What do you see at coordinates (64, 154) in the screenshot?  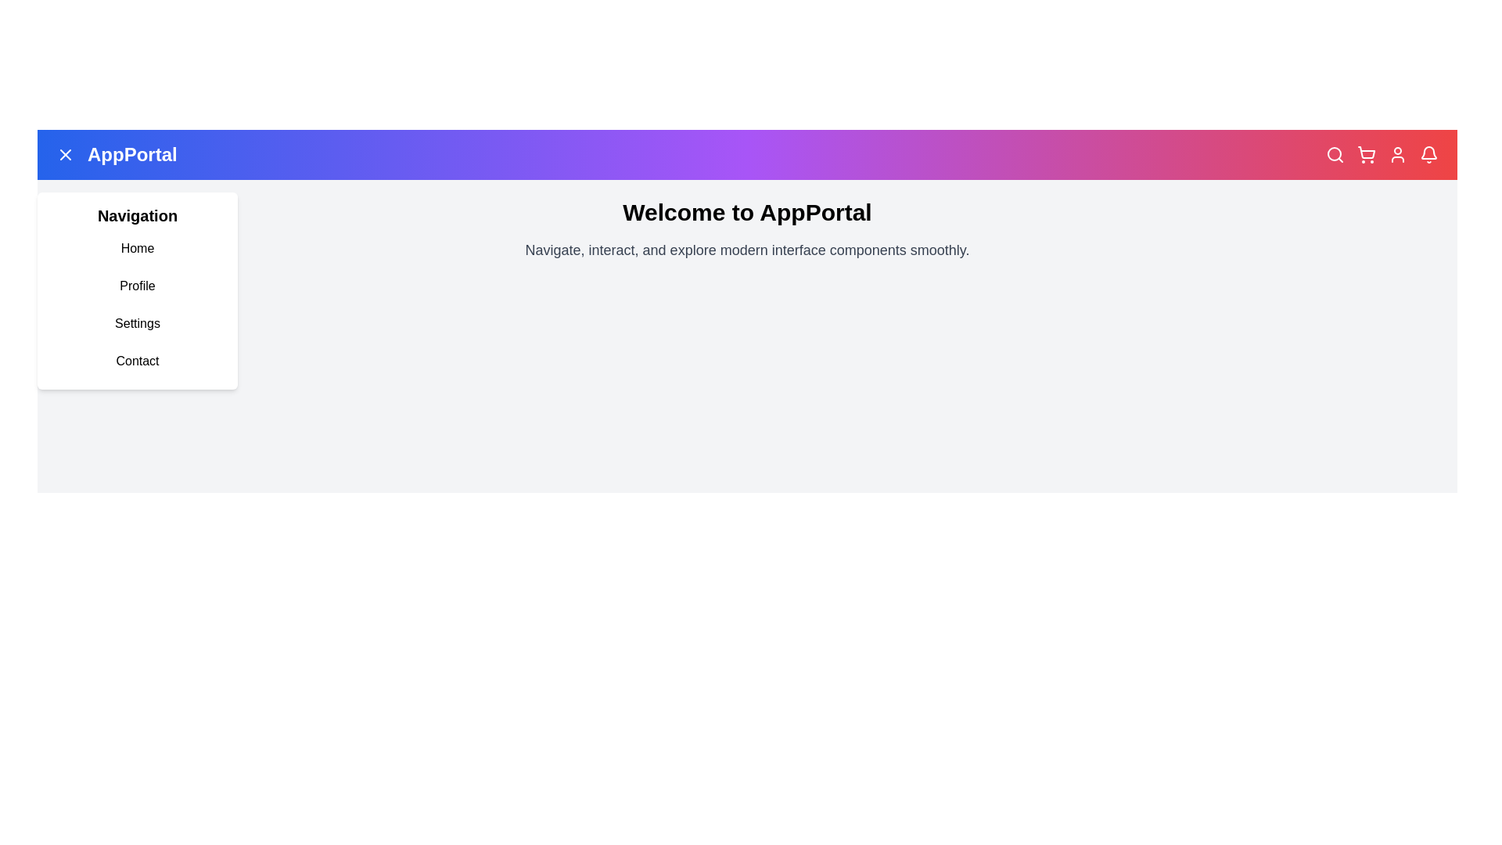 I see `the close icon located at the top-left corner of the interface within the navigation bar next to the 'AppPortal' title` at bounding box center [64, 154].